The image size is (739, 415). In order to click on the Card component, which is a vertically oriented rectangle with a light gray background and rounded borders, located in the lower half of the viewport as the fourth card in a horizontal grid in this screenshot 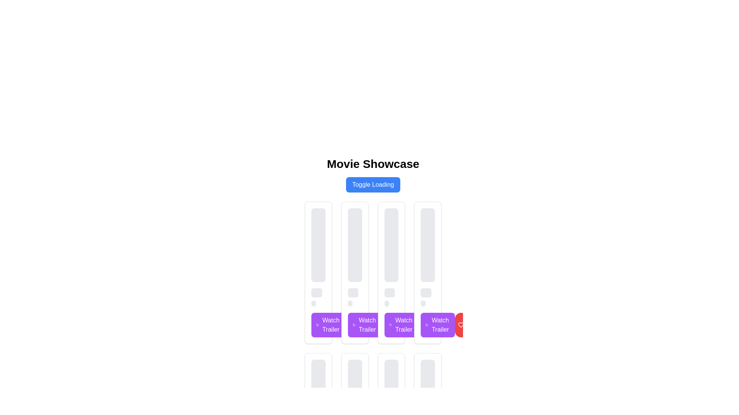, I will do `click(427, 272)`.